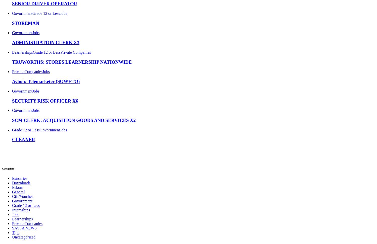 The width and height of the screenshot is (377, 244). What do you see at coordinates (45, 42) in the screenshot?
I see `'ADMINISTRATION CLERK X3'` at bounding box center [45, 42].